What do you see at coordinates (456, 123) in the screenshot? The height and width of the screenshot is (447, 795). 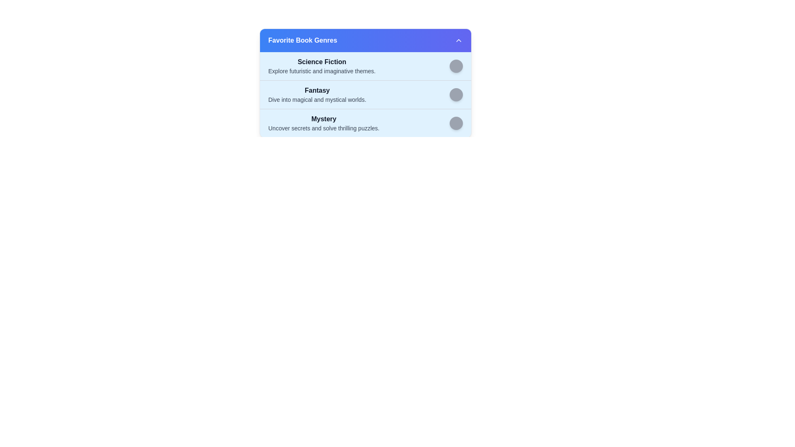 I see `the button at the far right of the third row labeled 'Mystery'` at bounding box center [456, 123].